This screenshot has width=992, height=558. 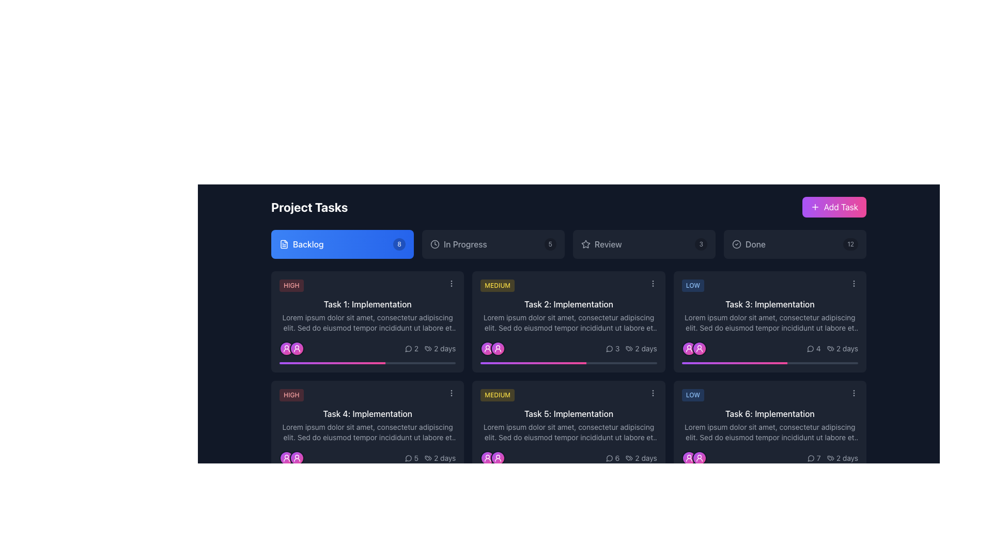 I want to click on the SVG-based icon that visually indicates the addition functionality of the 'Add Task' button, located on the far right of the toolbar, to the left of the 'Add Task' label, so click(x=814, y=207).